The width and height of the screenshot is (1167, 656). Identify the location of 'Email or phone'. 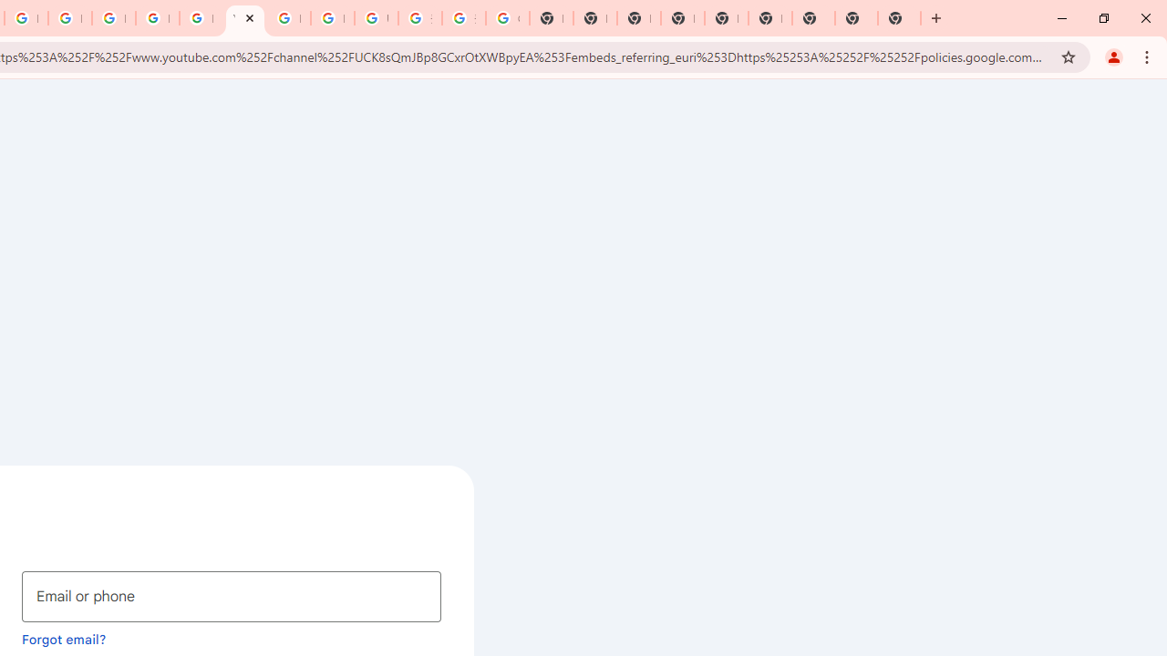
(231, 596).